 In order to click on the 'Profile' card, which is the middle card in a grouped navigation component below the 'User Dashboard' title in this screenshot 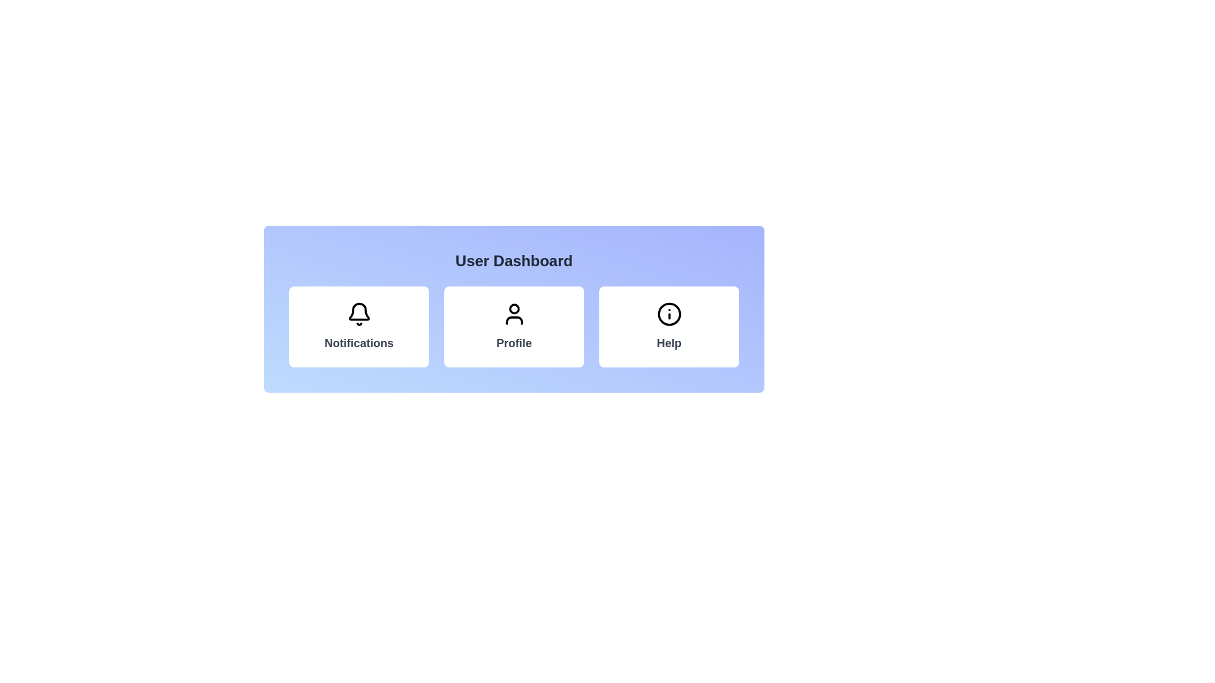, I will do `click(514, 309)`.